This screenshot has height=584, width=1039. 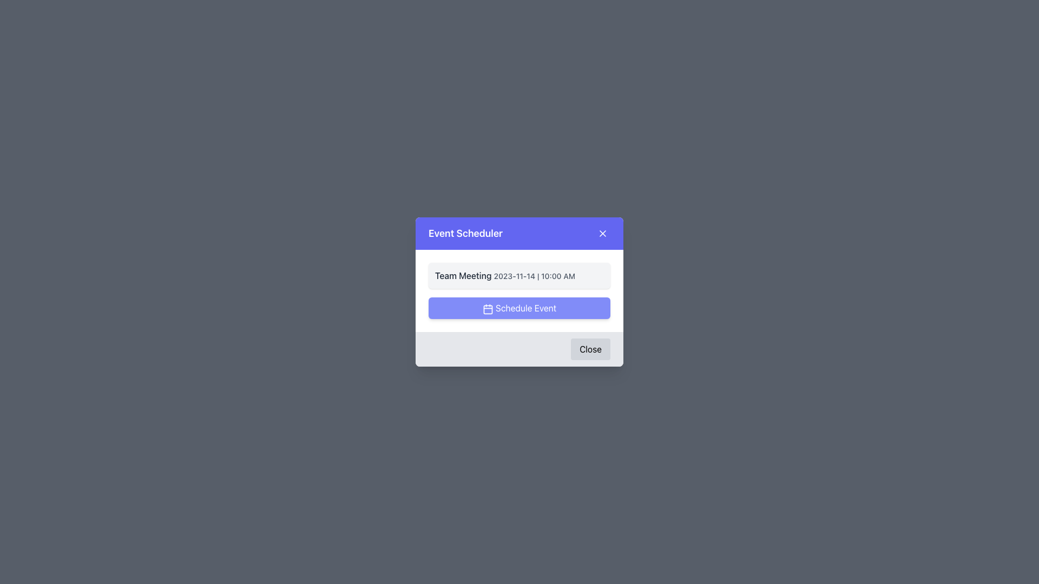 I want to click on the close button located in the lower right corner of the modal dialog box to observe the background color change, so click(x=590, y=349).